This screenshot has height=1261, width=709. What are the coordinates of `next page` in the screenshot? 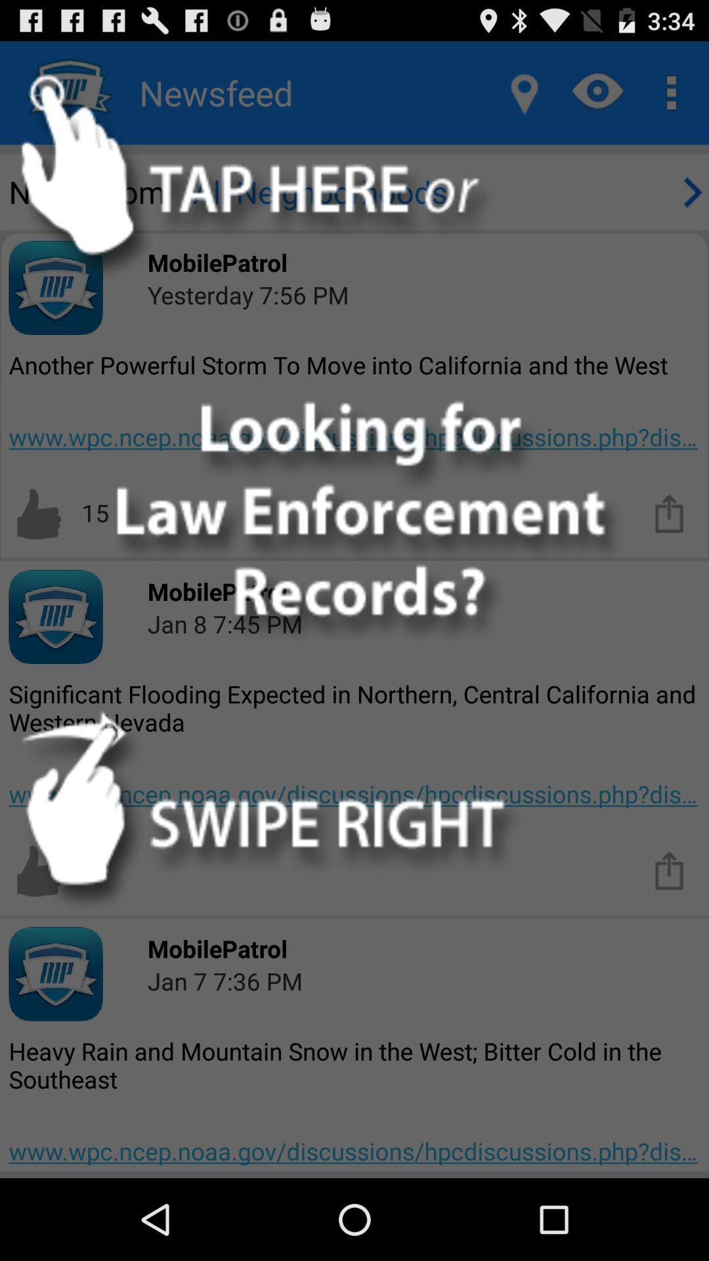 It's located at (689, 191).